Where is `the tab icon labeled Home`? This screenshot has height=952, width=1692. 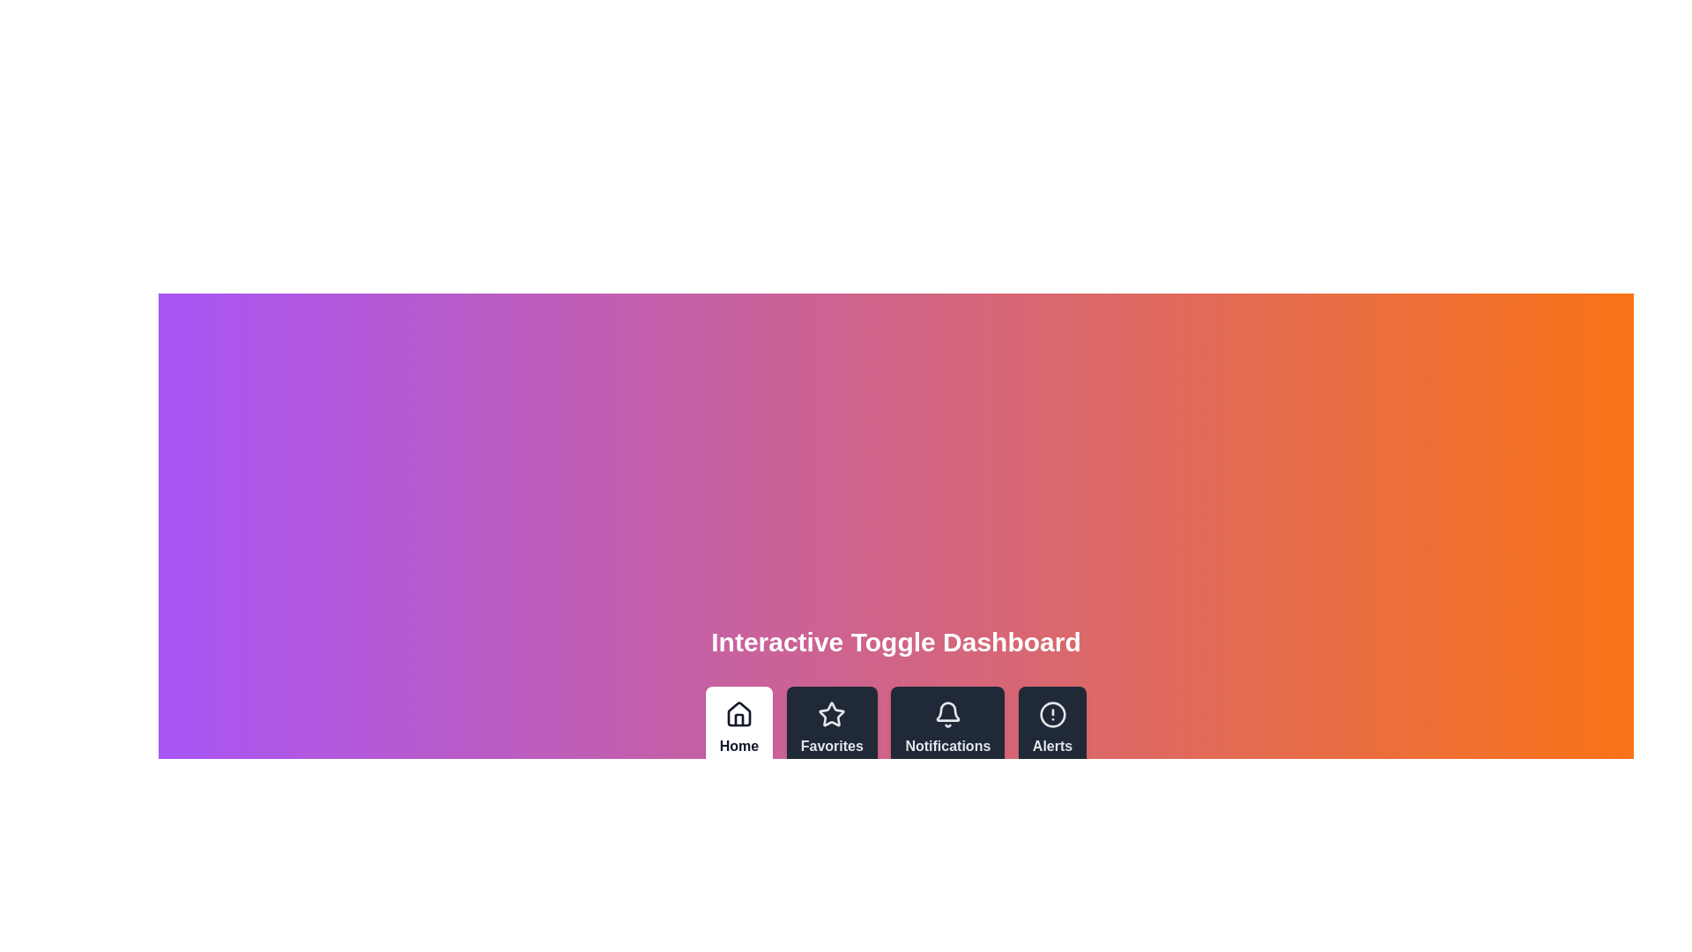 the tab icon labeled Home is located at coordinates (739, 728).